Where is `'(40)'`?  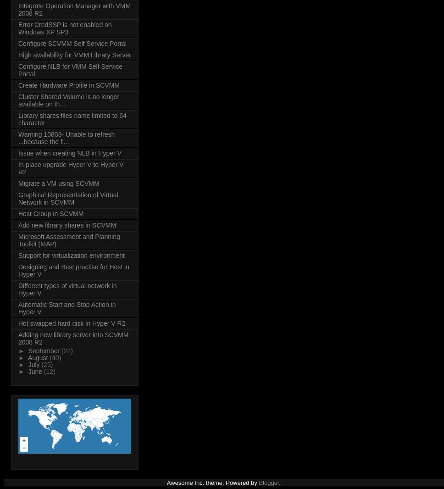 '(40)' is located at coordinates (55, 357).